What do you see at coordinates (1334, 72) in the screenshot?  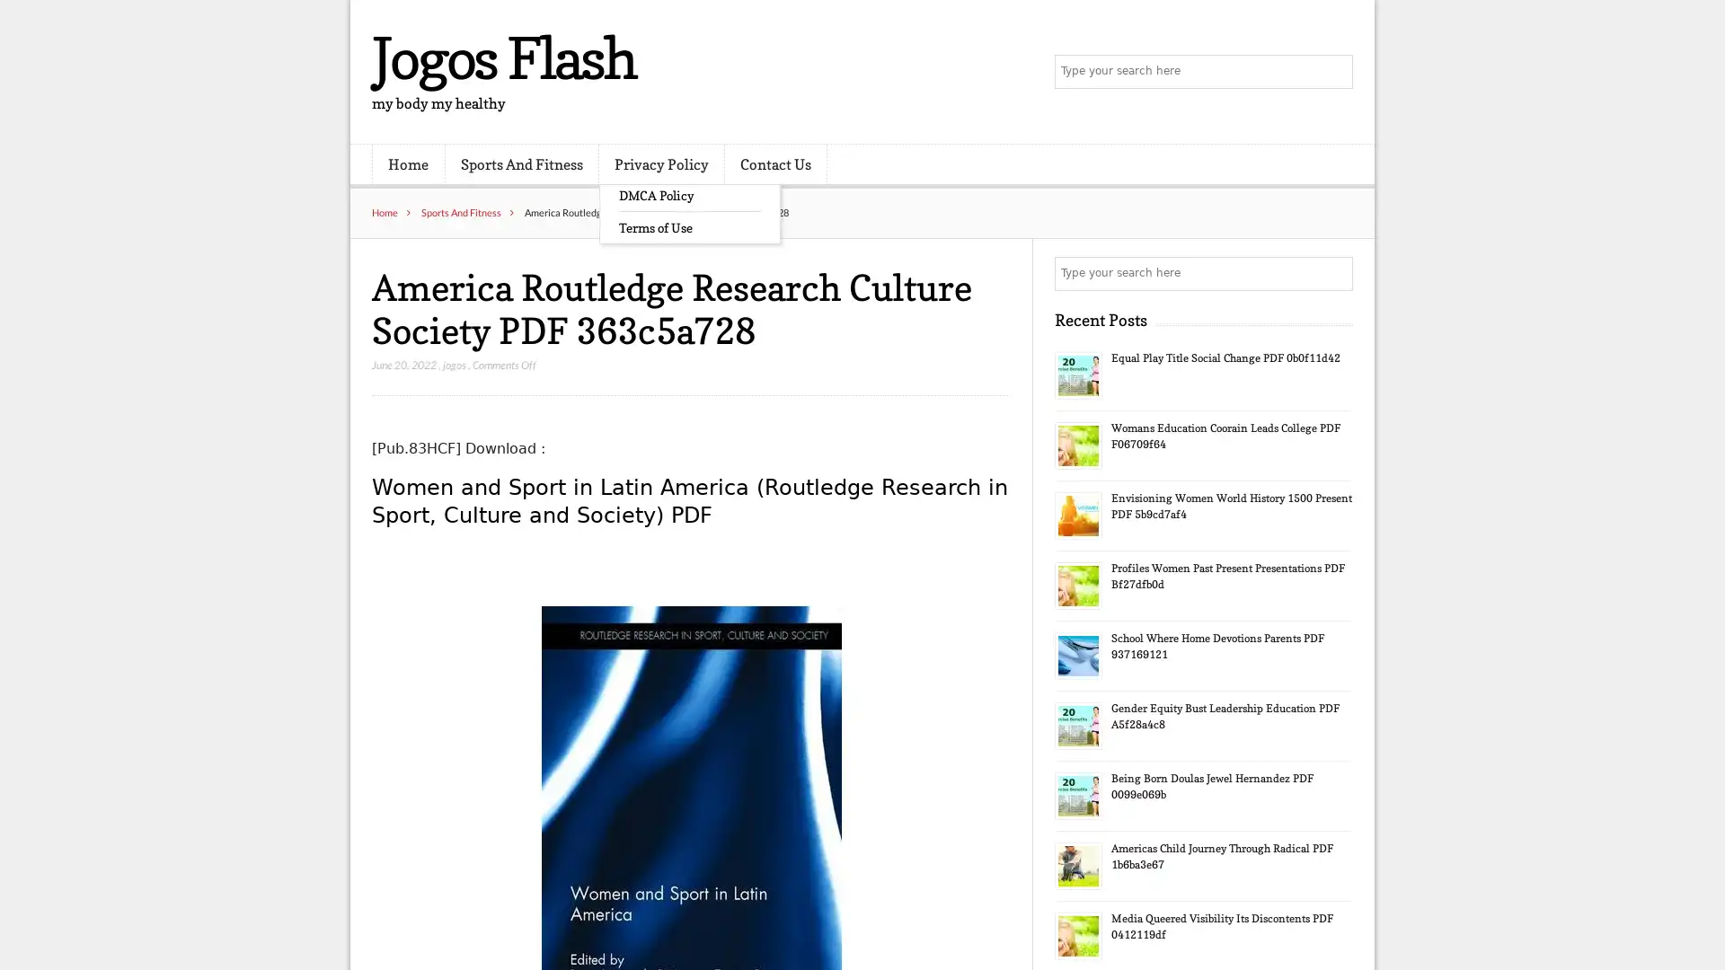 I see `Search` at bounding box center [1334, 72].